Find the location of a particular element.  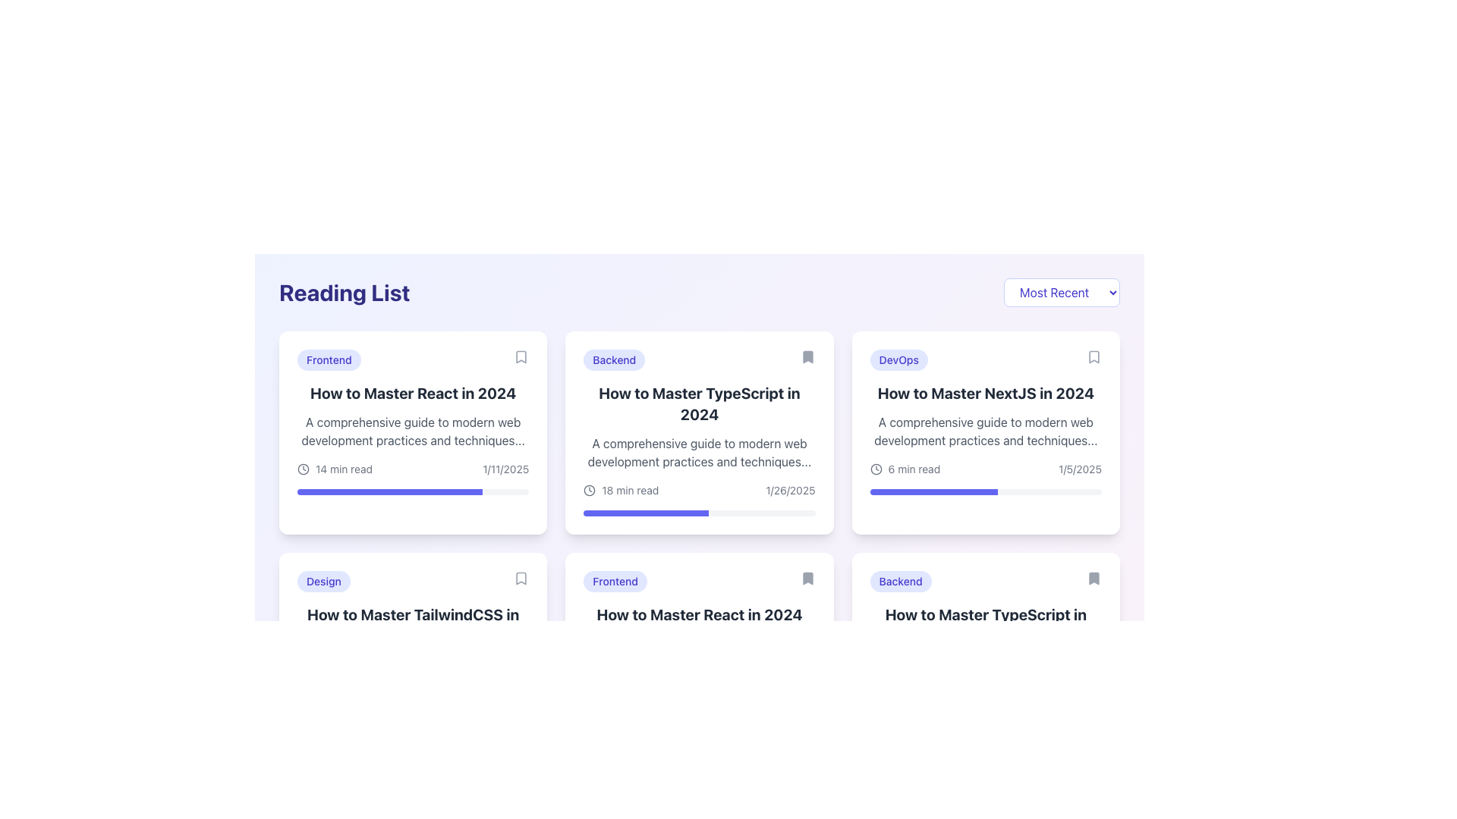

text element located below the card's title 'How to Master TypeScript in 2024', which provides insight into the card's content is located at coordinates (698, 452).